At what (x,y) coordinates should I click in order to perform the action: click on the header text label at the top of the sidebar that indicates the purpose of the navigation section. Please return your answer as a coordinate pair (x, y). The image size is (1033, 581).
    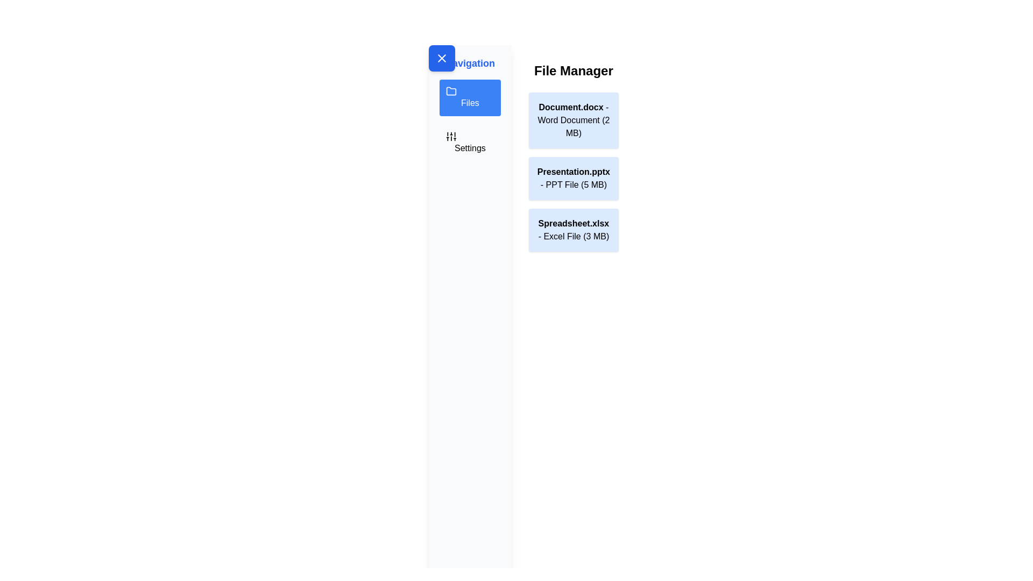
    Looking at the image, I should click on (470, 63).